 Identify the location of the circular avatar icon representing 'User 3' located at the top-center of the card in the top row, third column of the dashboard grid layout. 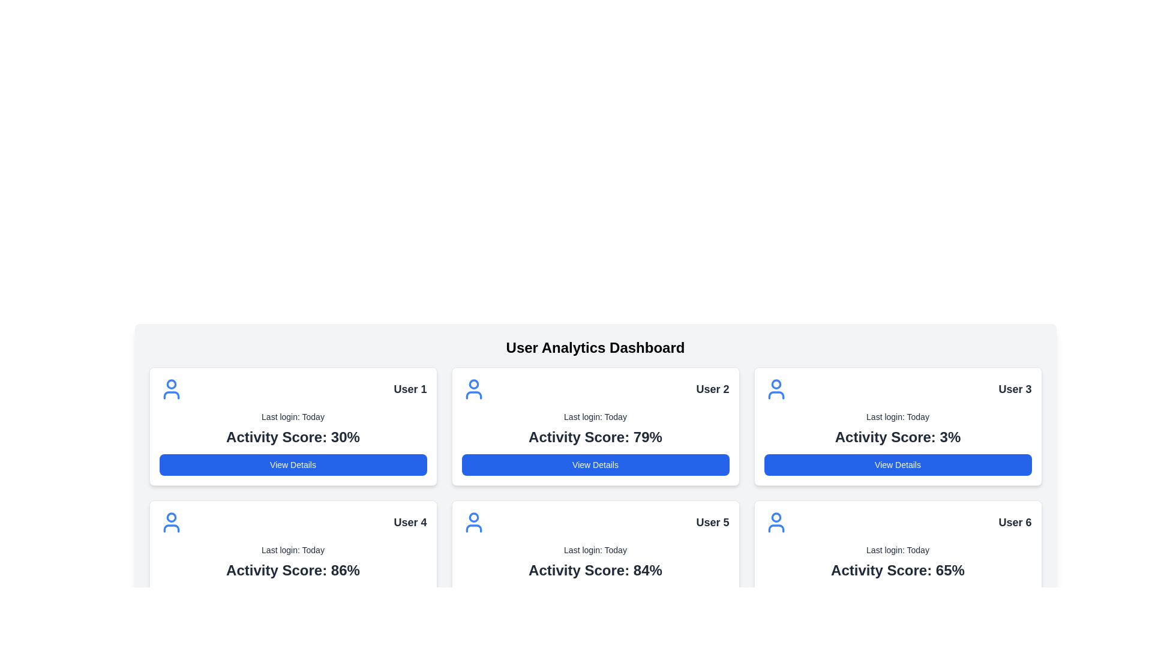
(776, 384).